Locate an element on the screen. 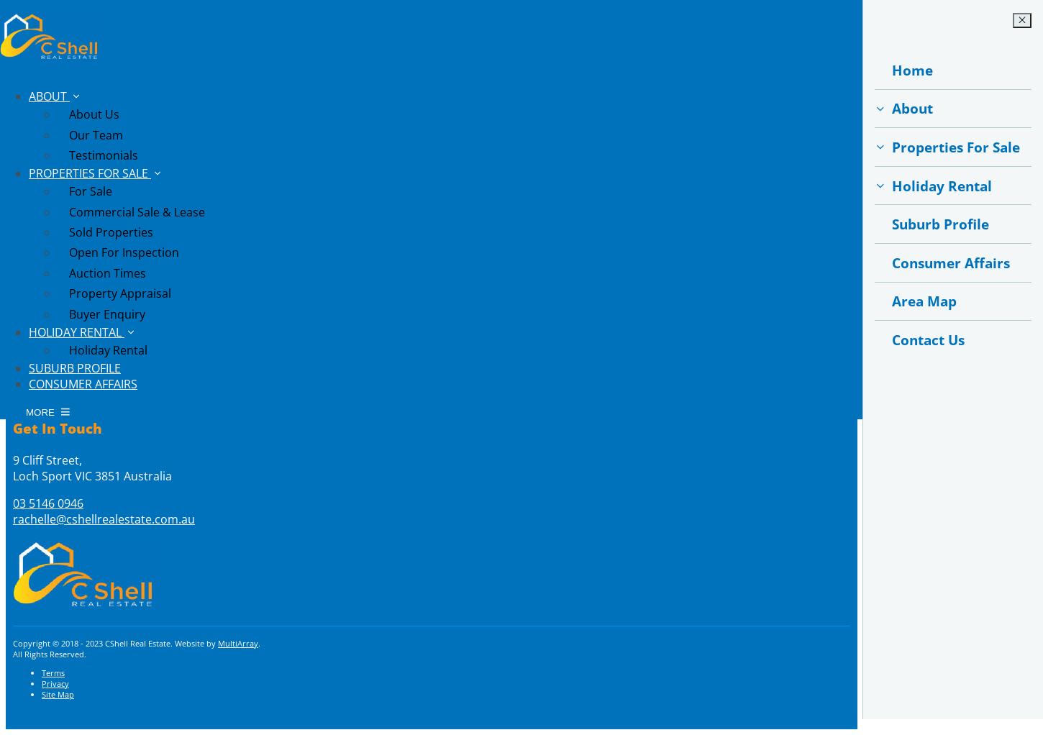 This screenshot has height=735, width=1043. 'Our Team' is located at coordinates (68, 134).